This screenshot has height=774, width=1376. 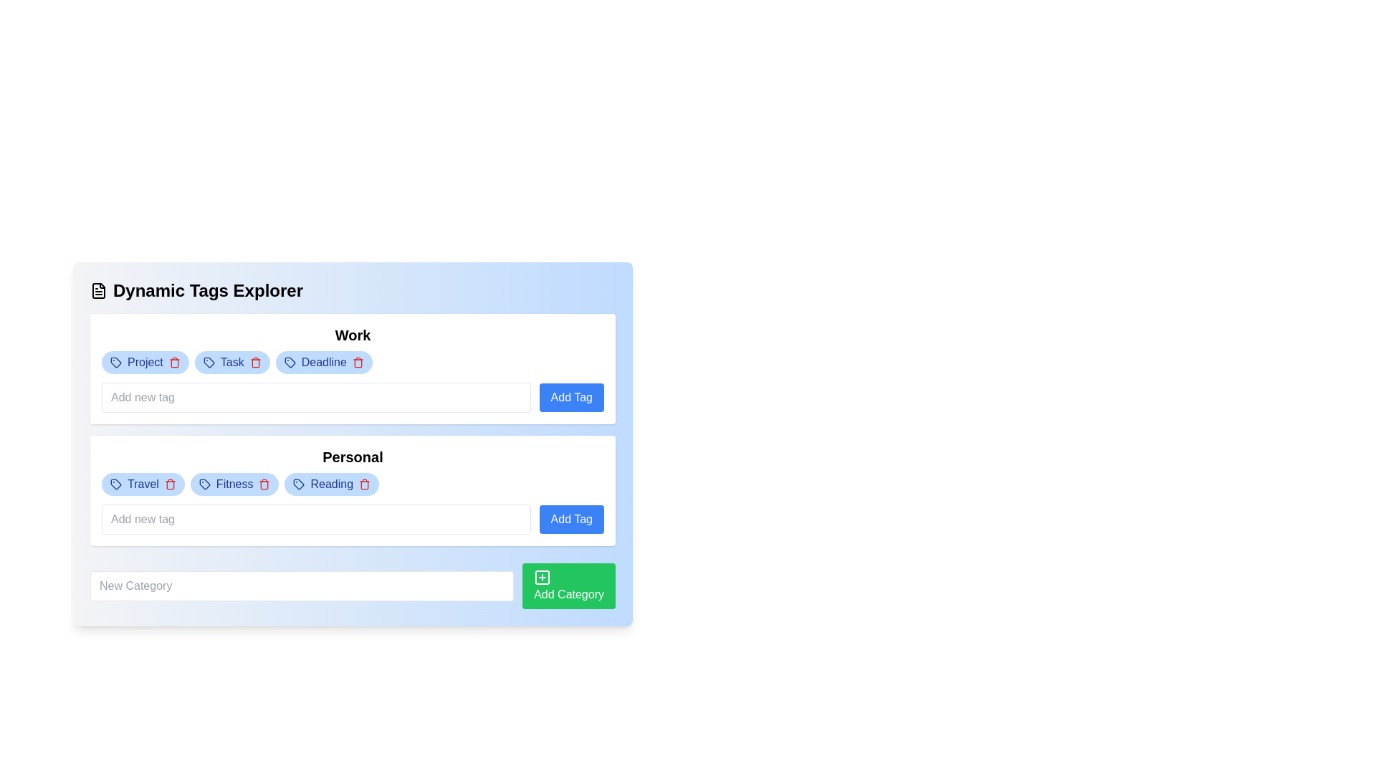 I want to click on the icon associated with the 'Reading' label located in the 'Personal' category, so click(x=298, y=484).